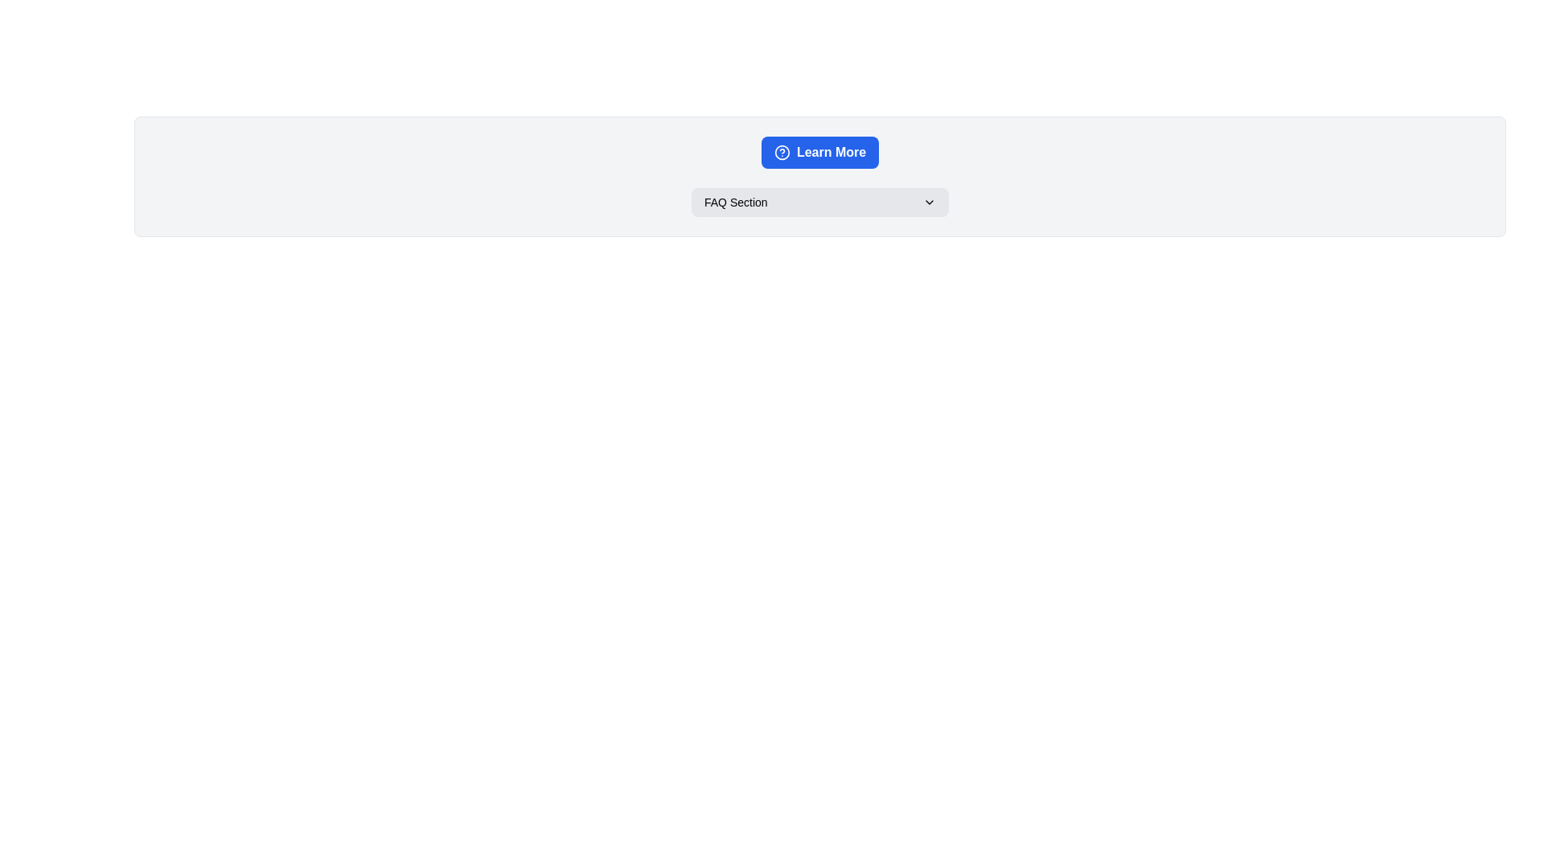 The image size is (1544, 868). Describe the element at coordinates (819, 152) in the screenshot. I see `the rectangular 'Learn More' button with a blue background and white text, located above the 'FAQ Section' dropdown` at that location.